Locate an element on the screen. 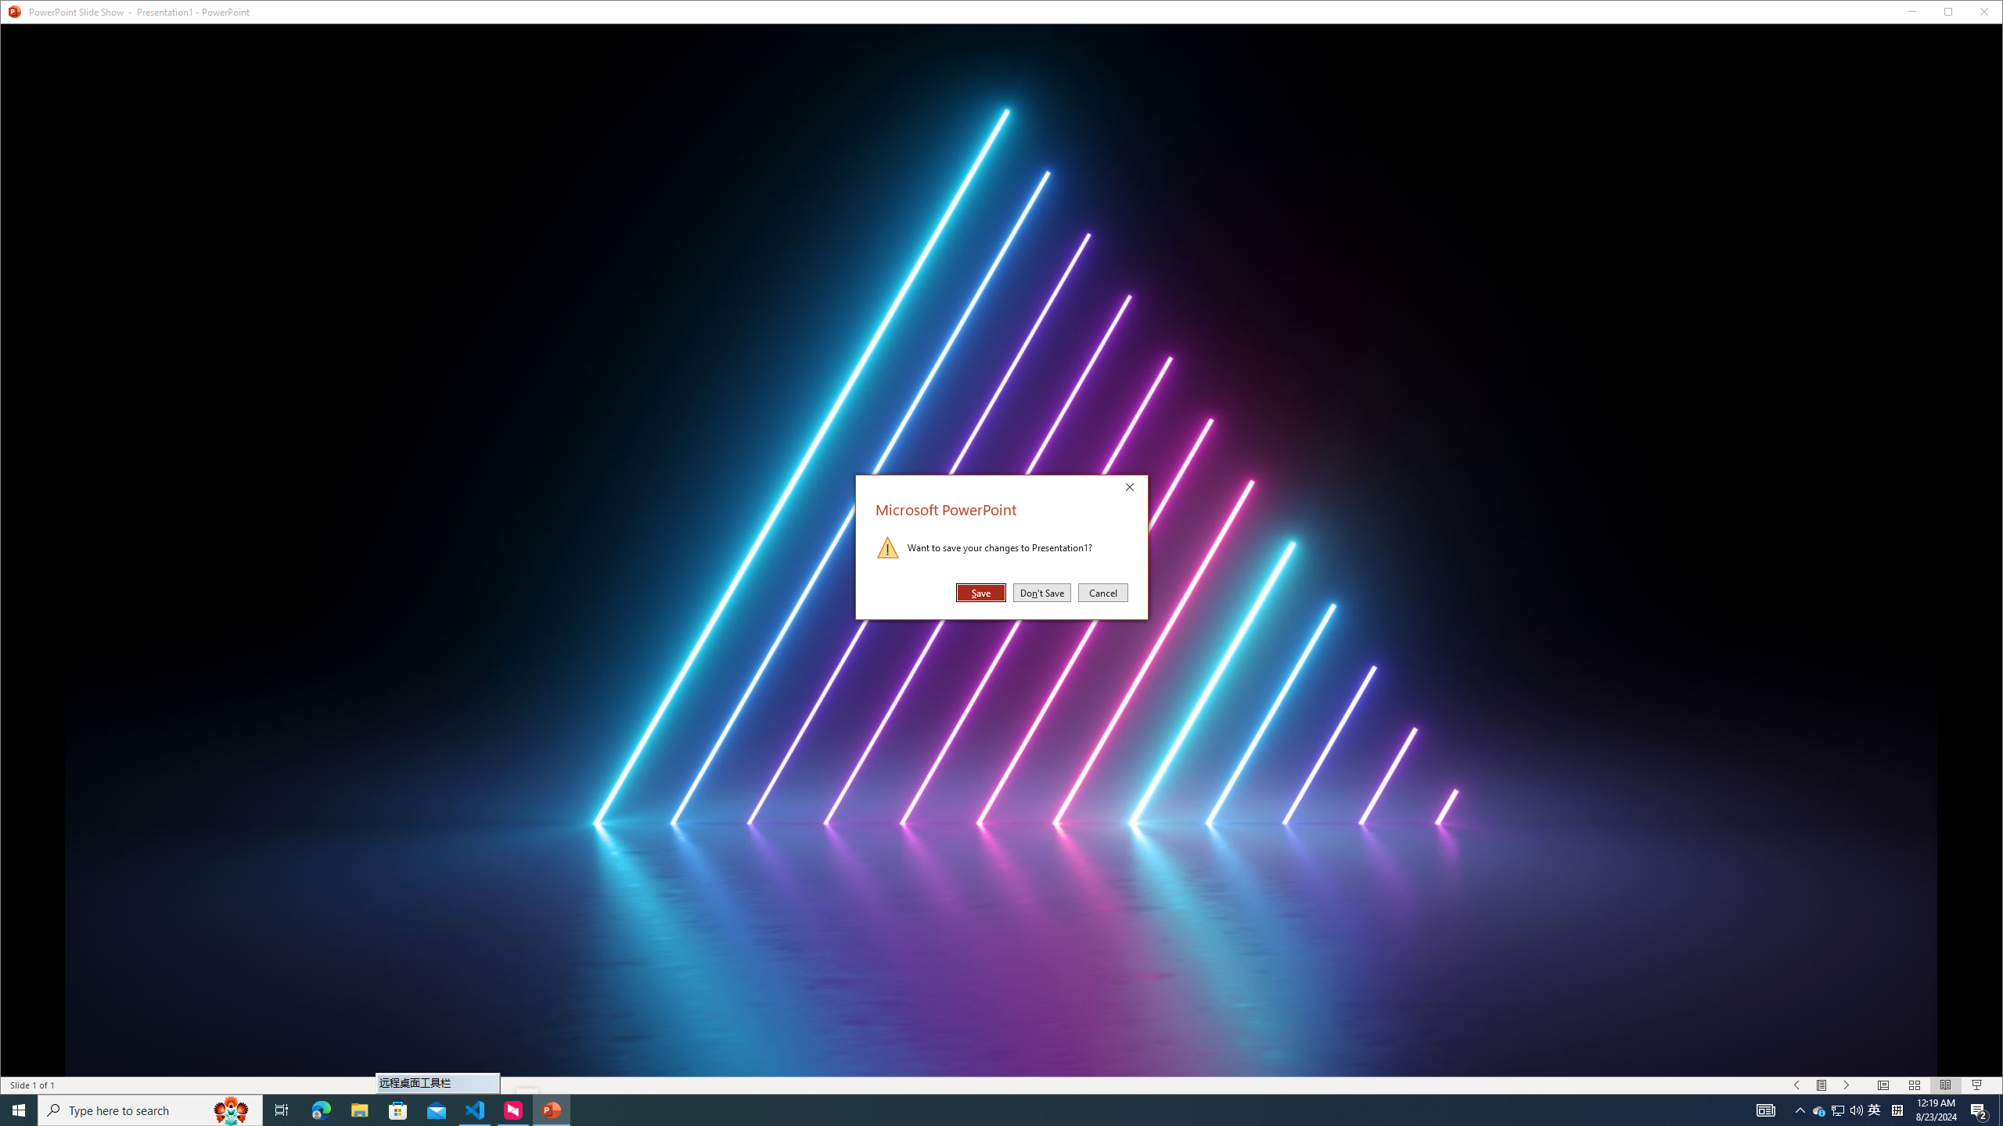 The height and width of the screenshot is (1126, 2003). 'PowerPoint - 1 running window' is located at coordinates (552, 1109).